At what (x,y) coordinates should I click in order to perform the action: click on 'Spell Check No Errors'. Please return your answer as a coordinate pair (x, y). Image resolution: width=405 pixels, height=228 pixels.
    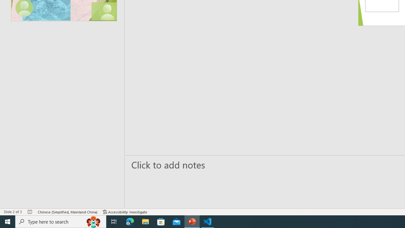
    Looking at the image, I should click on (30, 212).